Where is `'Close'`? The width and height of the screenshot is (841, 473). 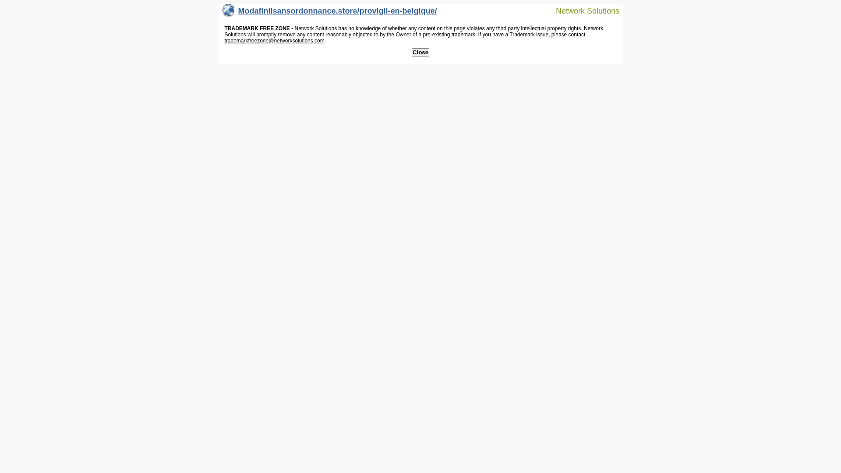
'Close' is located at coordinates (420, 52).